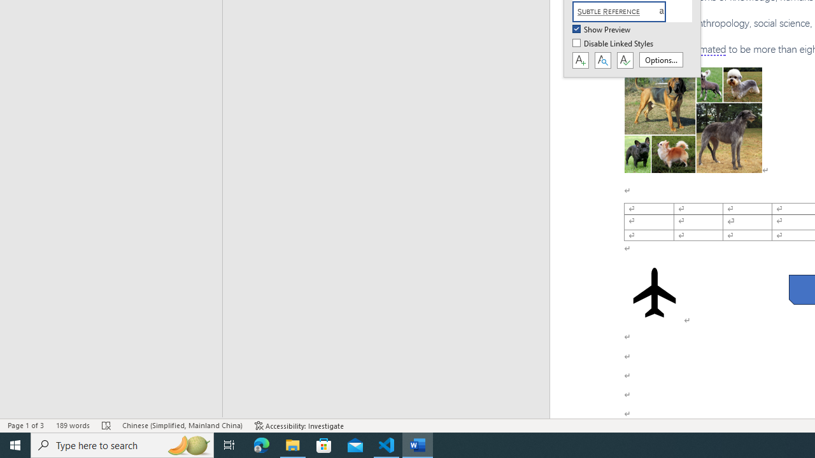 The width and height of the screenshot is (815, 458). I want to click on 'Class: NetUIButton', so click(625, 60).